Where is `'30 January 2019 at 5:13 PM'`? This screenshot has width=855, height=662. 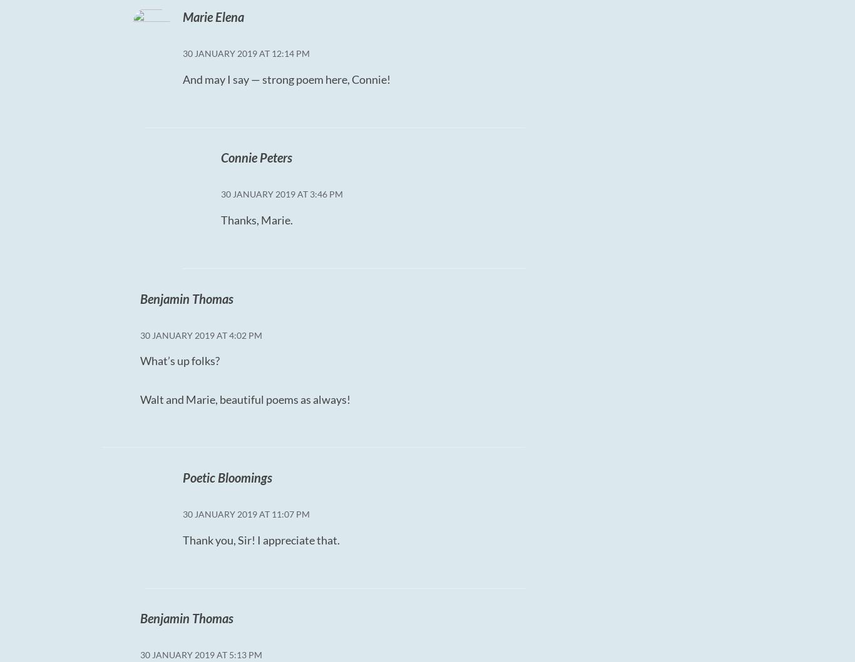
'30 January 2019 at 5:13 PM' is located at coordinates (201, 654).